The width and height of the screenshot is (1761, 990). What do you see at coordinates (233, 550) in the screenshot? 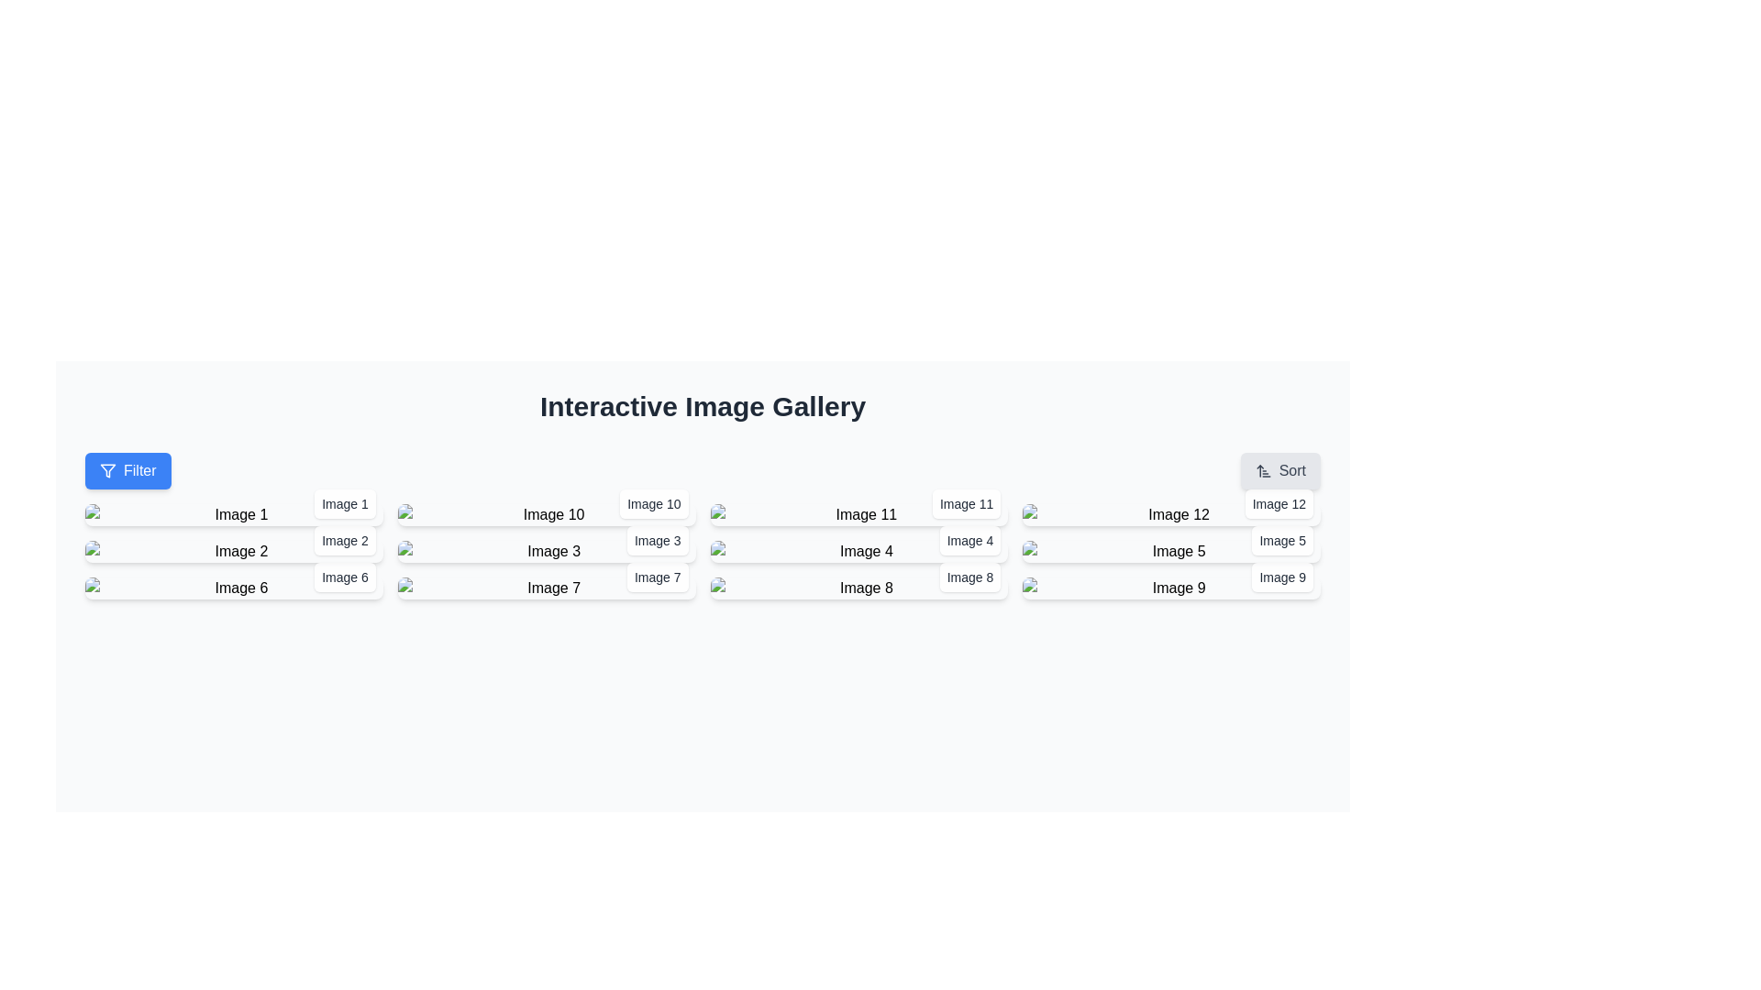
I see `the image thumbnail with overlay text 'Image 2'` at bounding box center [233, 550].